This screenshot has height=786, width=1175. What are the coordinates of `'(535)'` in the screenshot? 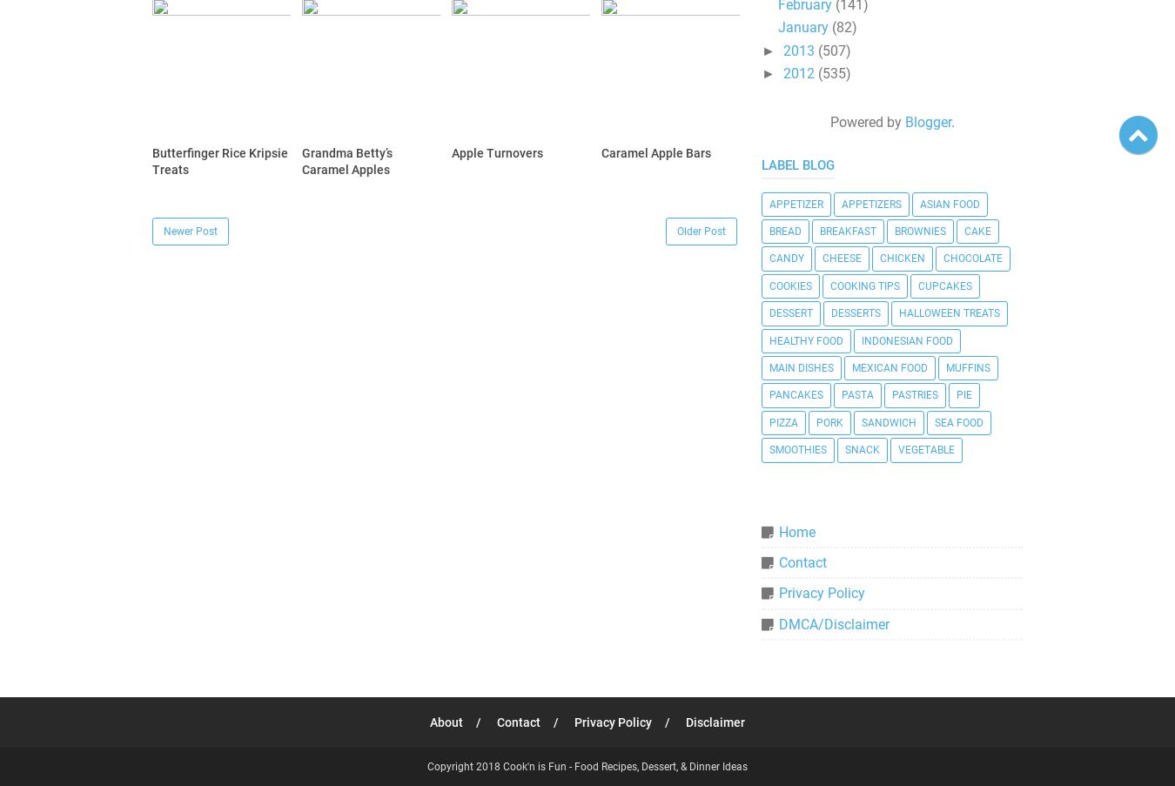 It's located at (832, 73).